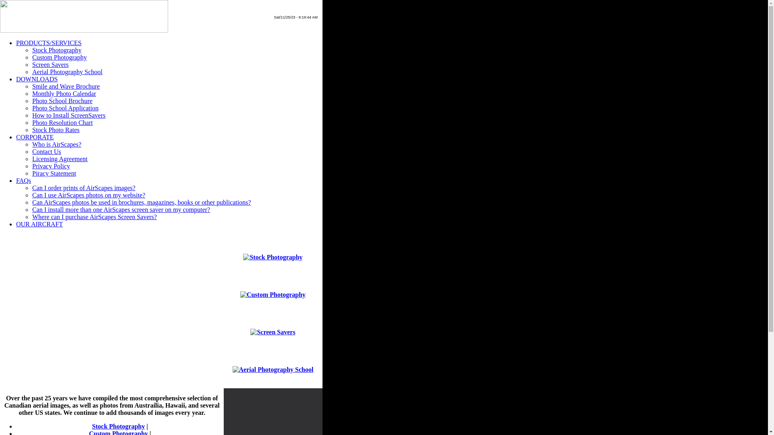  What do you see at coordinates (89, 195) in the screenshot?
I see `'Can I use AirScapes photos on my website?'` at bounding box center [89, 195].